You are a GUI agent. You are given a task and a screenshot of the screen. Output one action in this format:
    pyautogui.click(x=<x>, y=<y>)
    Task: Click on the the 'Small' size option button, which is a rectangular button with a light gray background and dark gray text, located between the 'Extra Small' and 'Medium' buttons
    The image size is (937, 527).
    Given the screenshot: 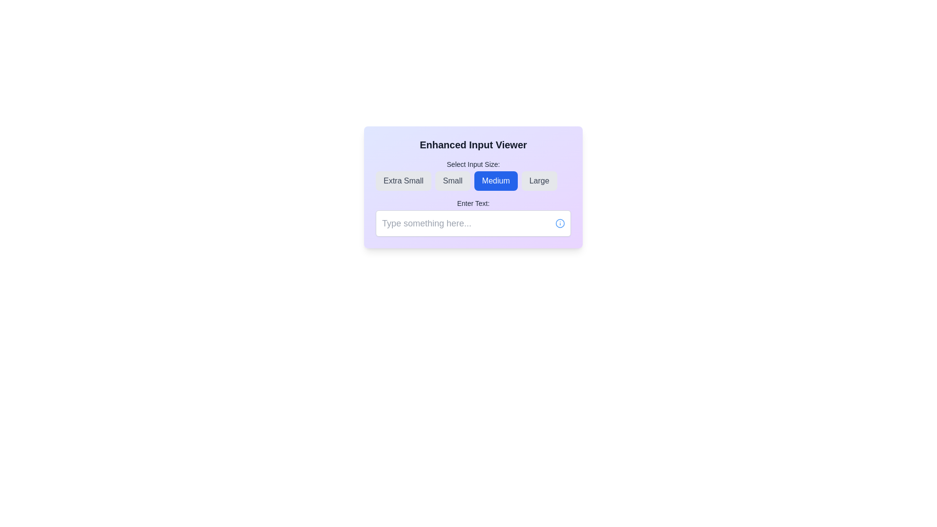 What is the action you would take?
    pyautogui.click(x=452, y=181)
    